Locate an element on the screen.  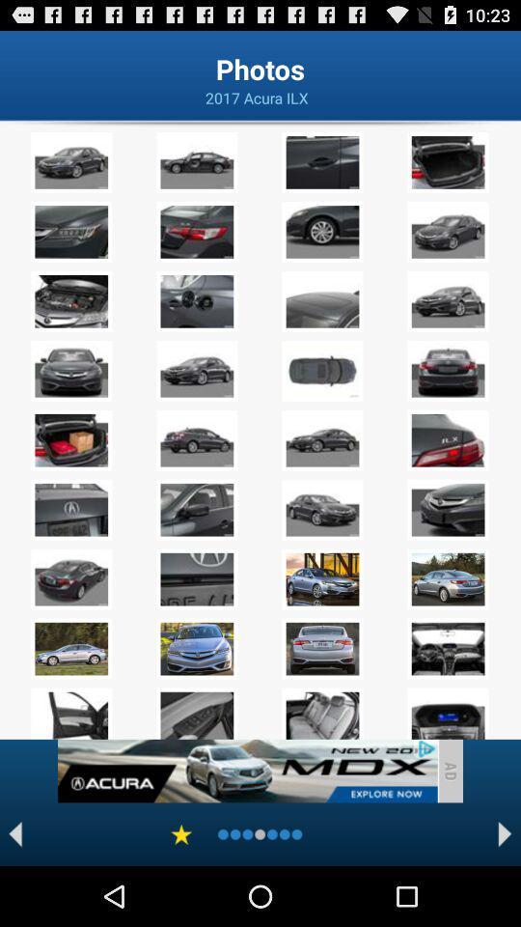
an advertisement is located at coordinates (247, 771).